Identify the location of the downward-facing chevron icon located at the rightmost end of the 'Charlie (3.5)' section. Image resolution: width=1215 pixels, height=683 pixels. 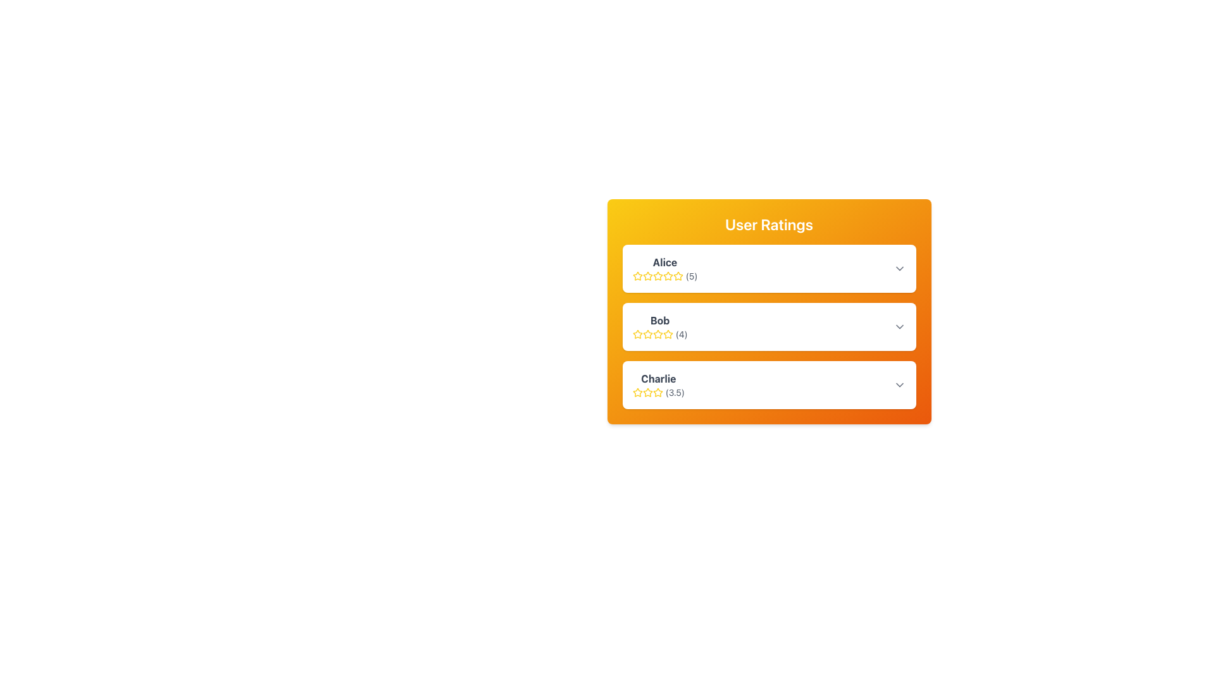
(899, 385).